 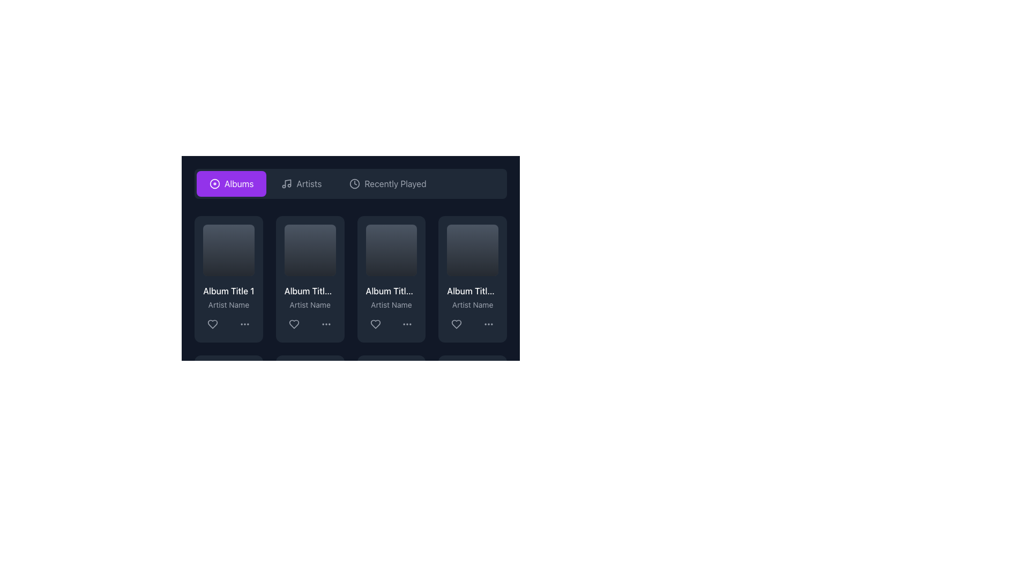 I want to click on the decorative circle within the SVG icon located to the left of the 'Albums' button in the navigation bar, so click(x=214, y=183).